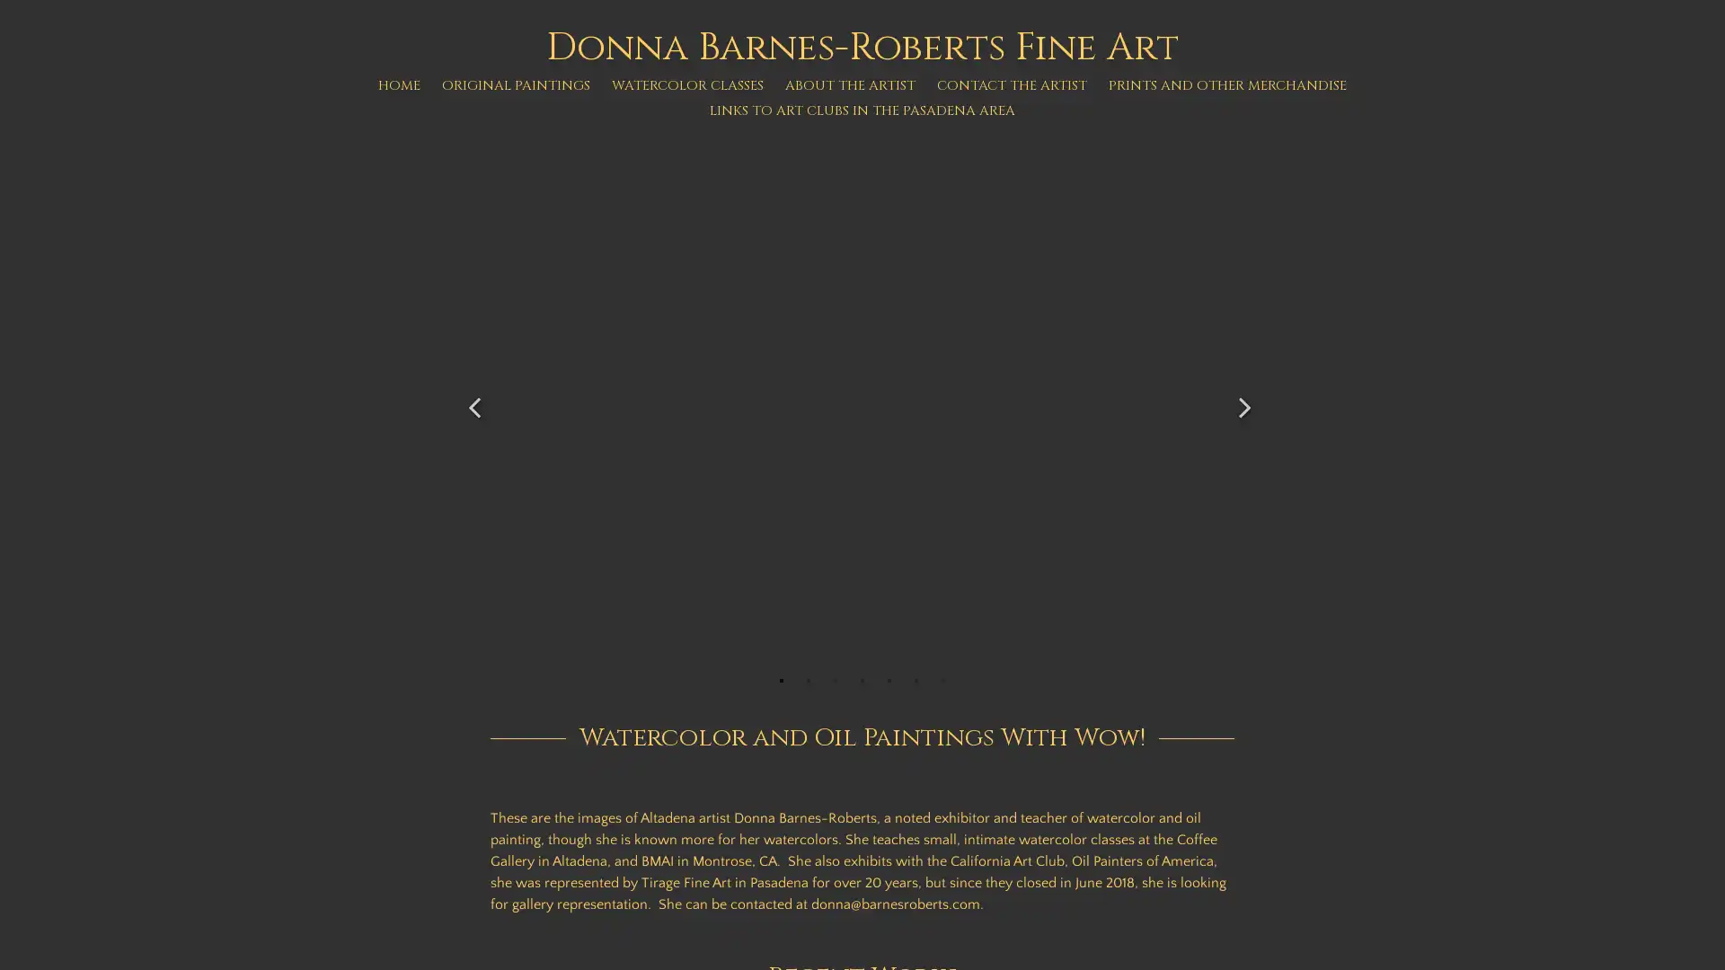 The height and width of the screenshot is (970, 1725). What do you see at coordinates (477, 397) in the screenshot?
I see `Previous` at bounding box center [477, 397].